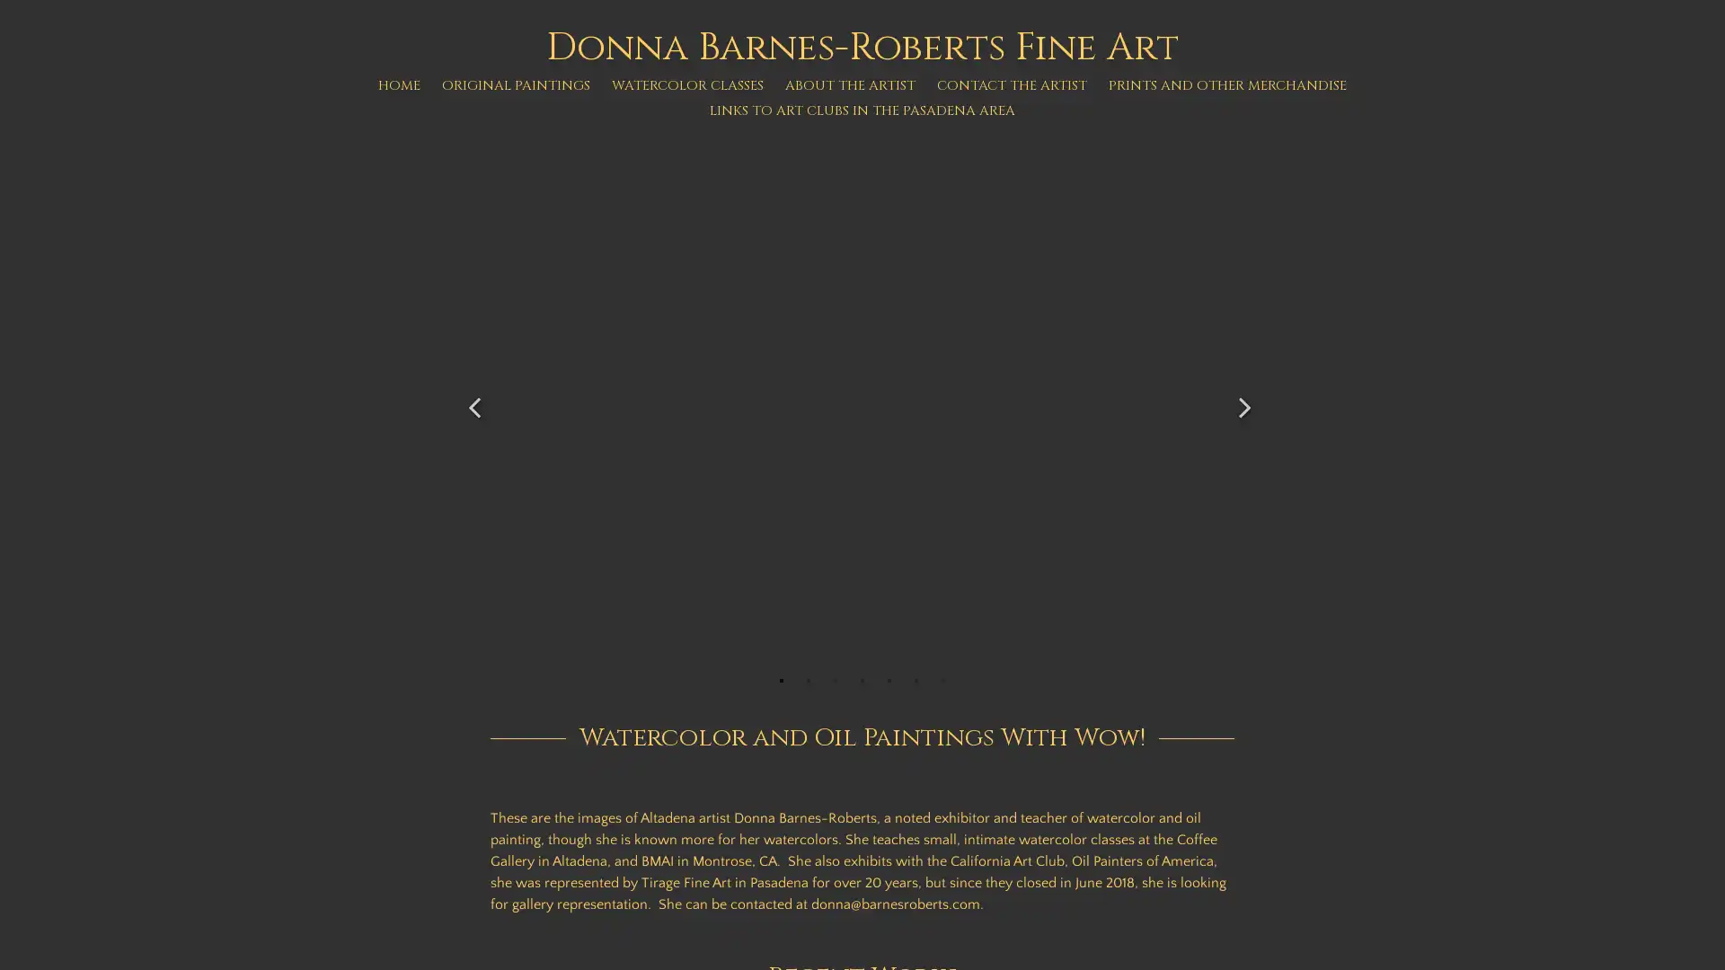 The height and width of the screenshot is (970, 1725). What do you see at coordinates (477, 397) in the screenshot?
I see `Previous` at bounding box center [477, 397].